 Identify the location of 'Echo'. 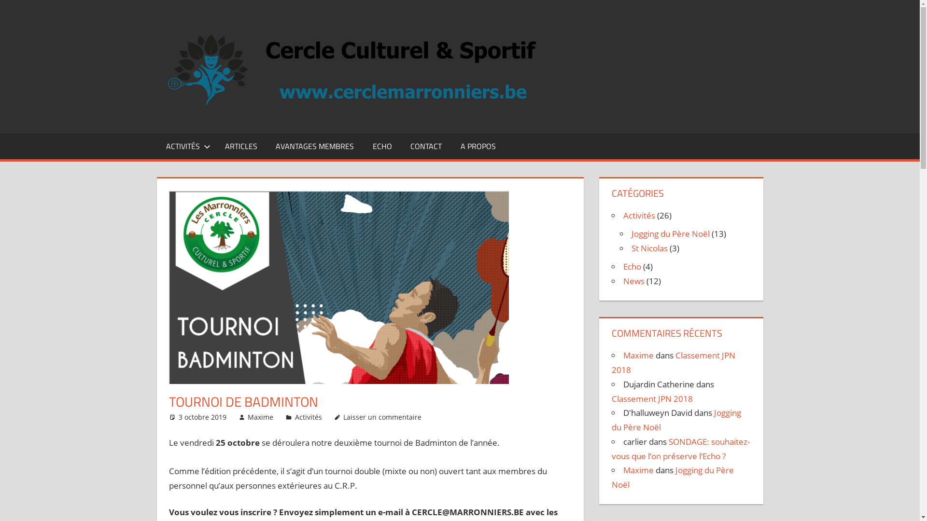
(632, 266).